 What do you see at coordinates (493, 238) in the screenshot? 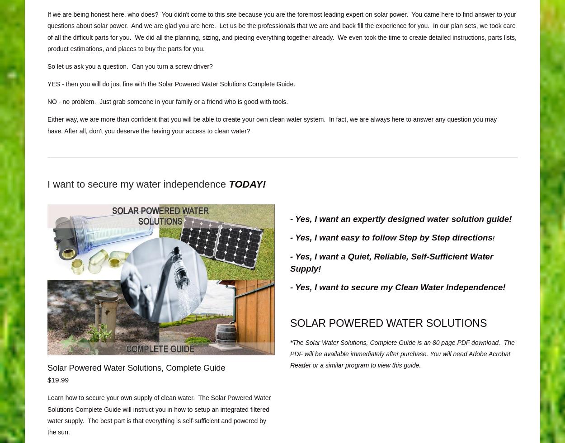
I see `'!'` at bounding box center [493, 238].